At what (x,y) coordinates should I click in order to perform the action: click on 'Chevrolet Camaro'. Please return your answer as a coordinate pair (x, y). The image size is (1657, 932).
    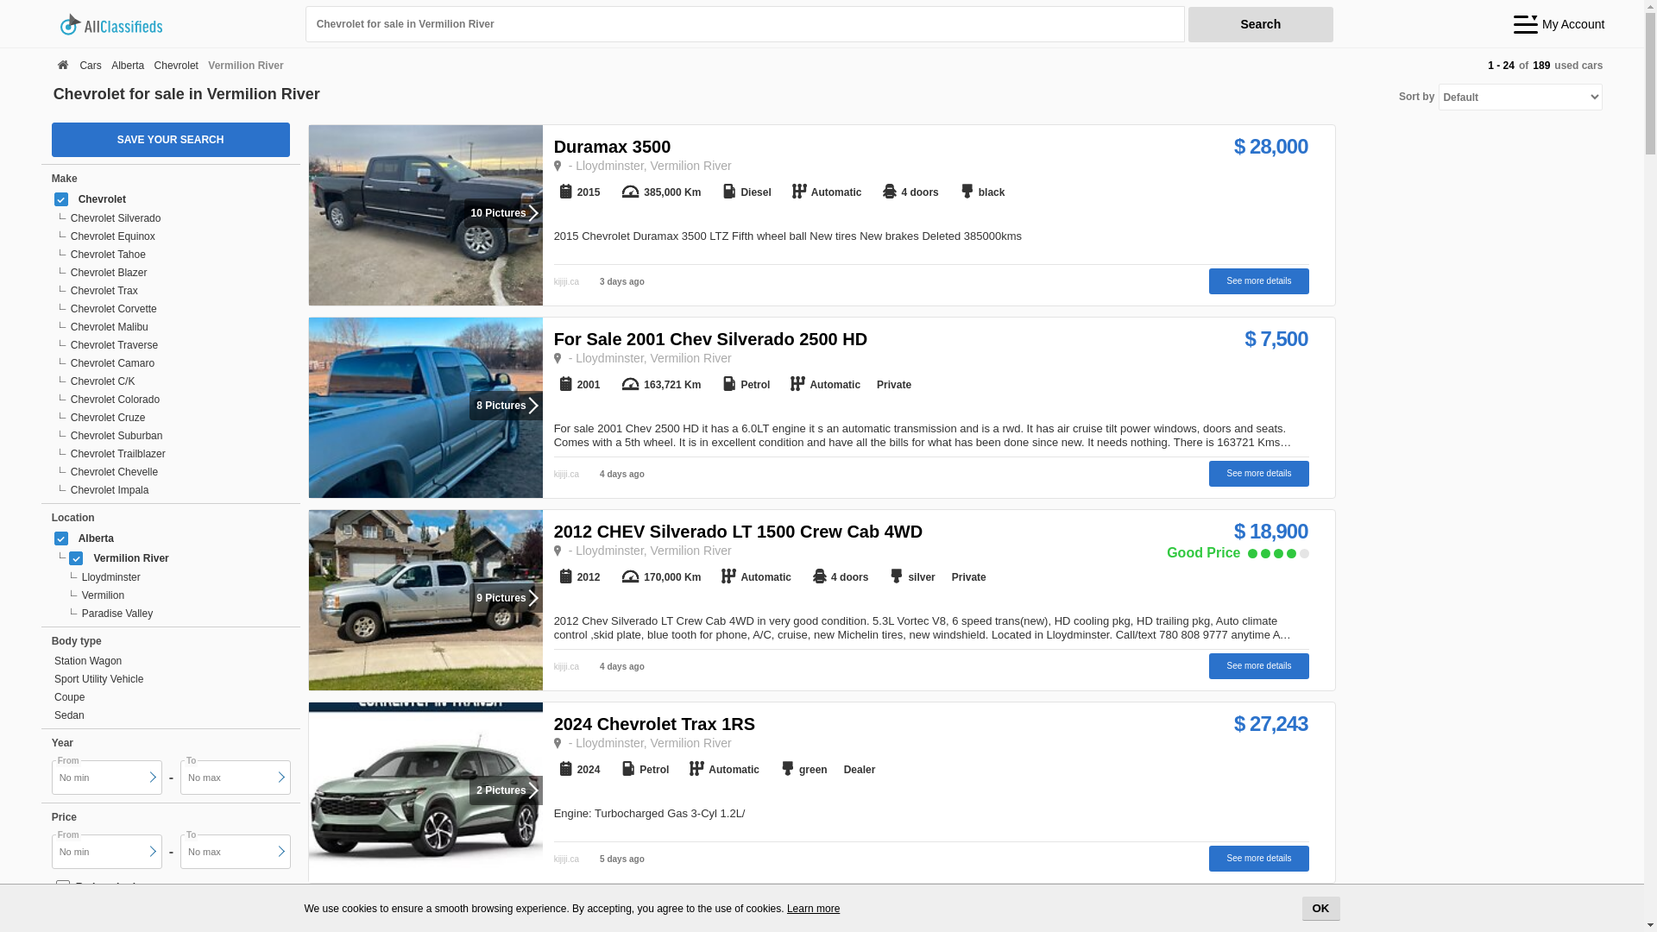
    Looking at the image, I should click on (174, 362).